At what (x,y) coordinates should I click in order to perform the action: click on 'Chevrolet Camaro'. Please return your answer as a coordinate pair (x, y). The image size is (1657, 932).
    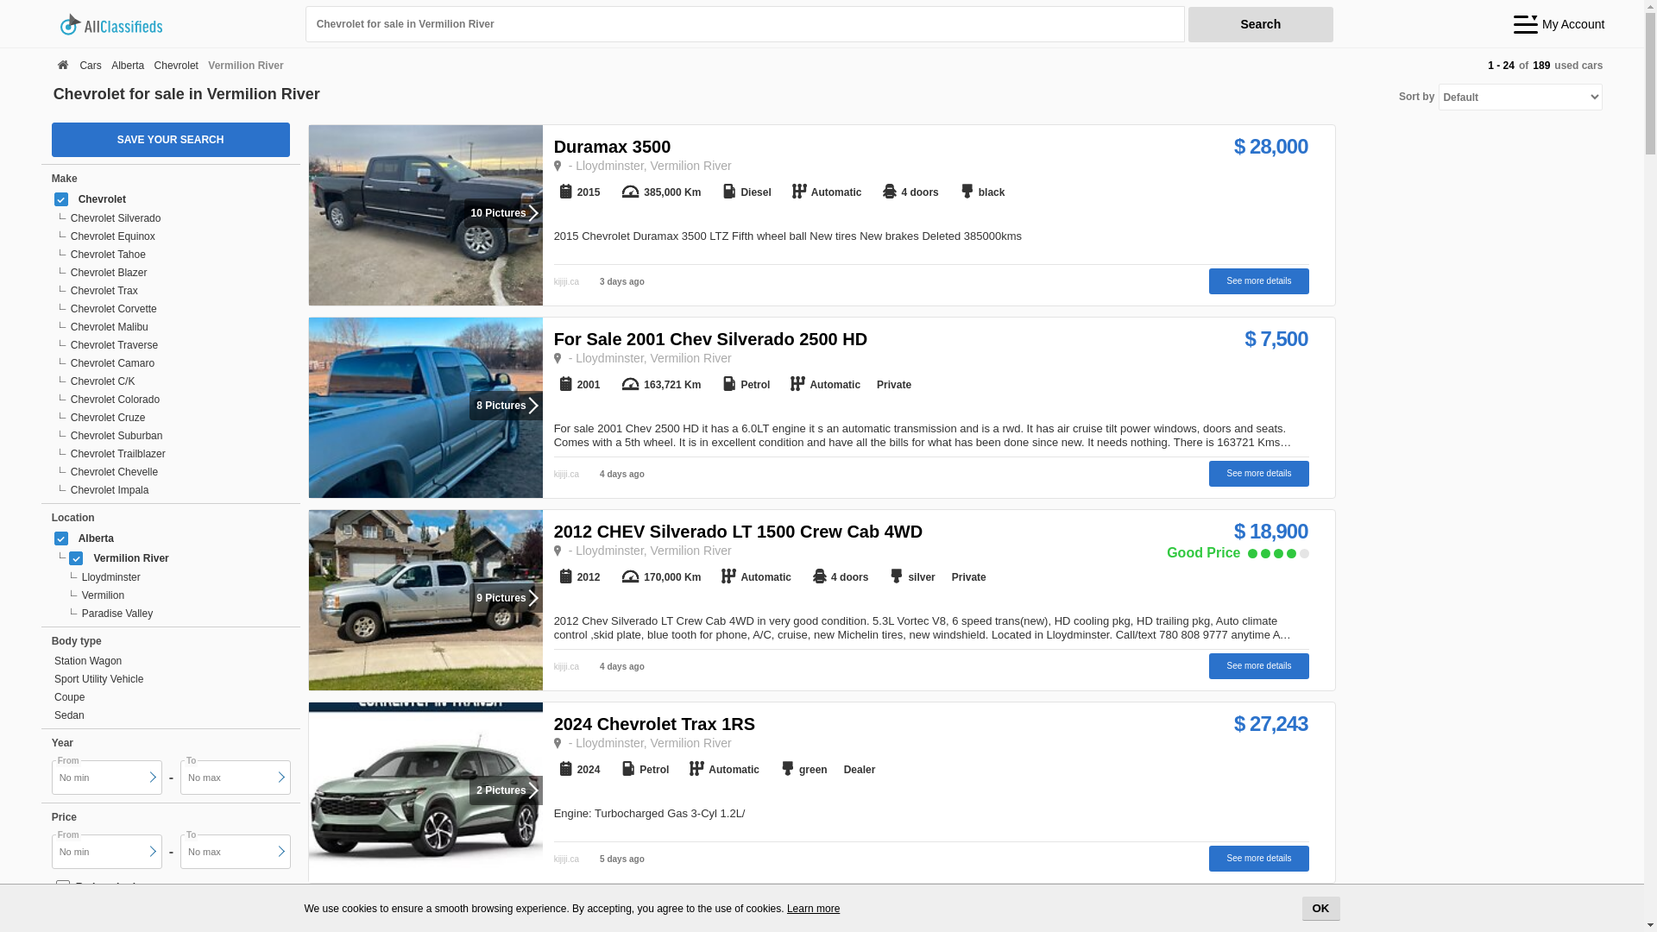
    Looking at the image, I should click on (174, 362).